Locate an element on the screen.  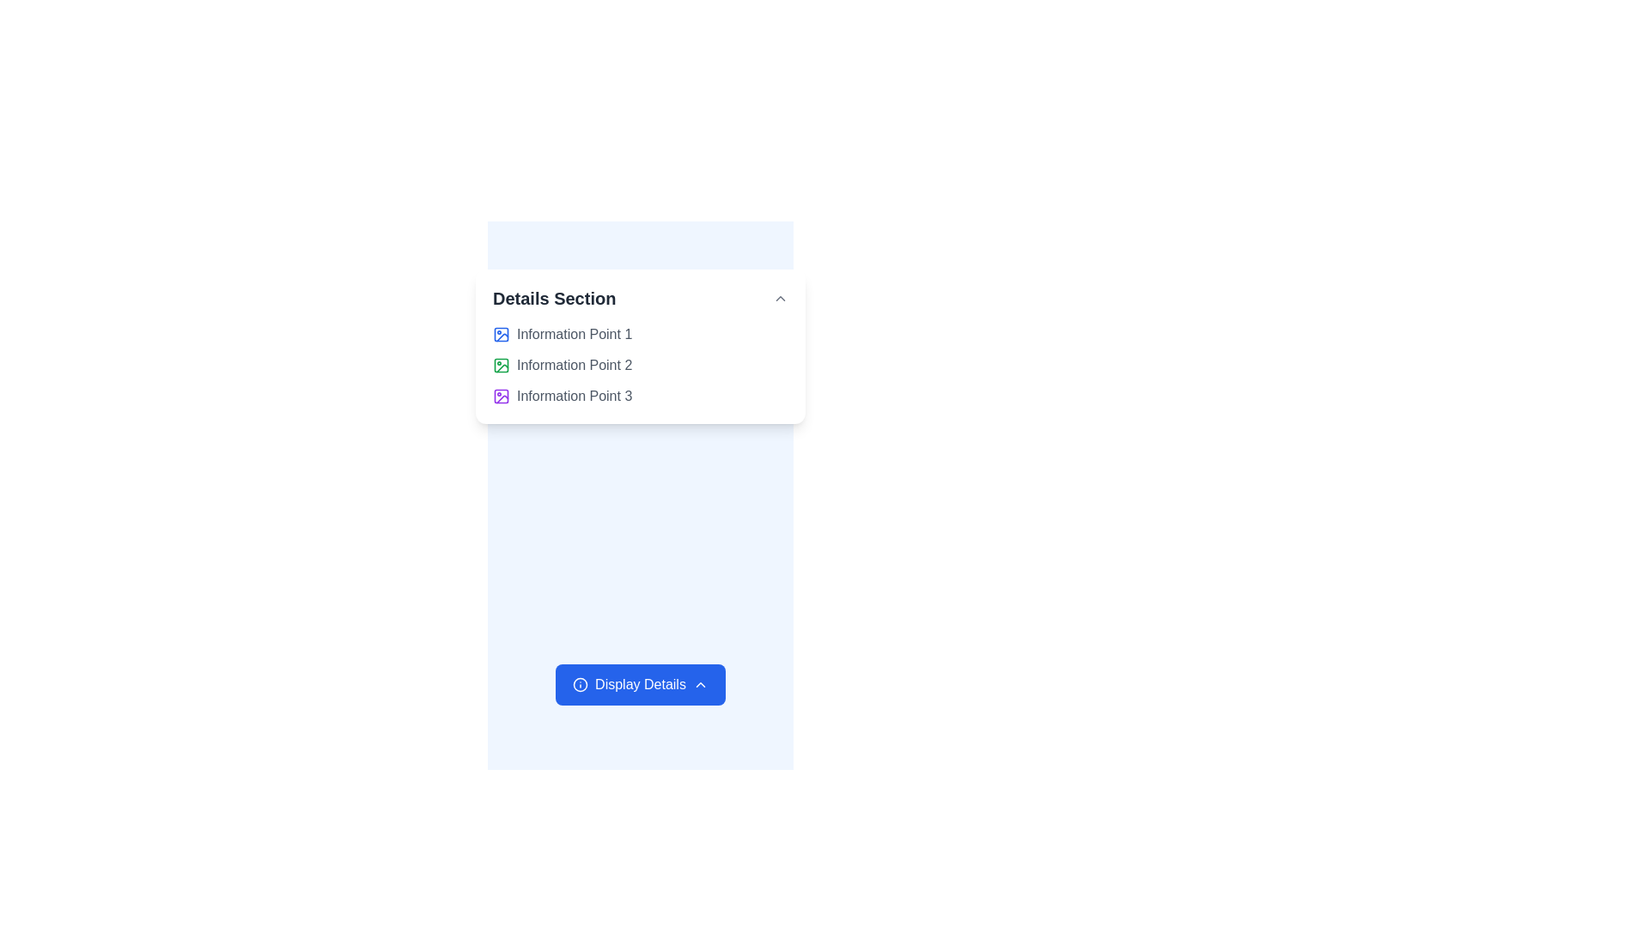
the blue button labeled 'Display Details' which contains the circular blue icon with a white border is located at coordinates (581, 684).